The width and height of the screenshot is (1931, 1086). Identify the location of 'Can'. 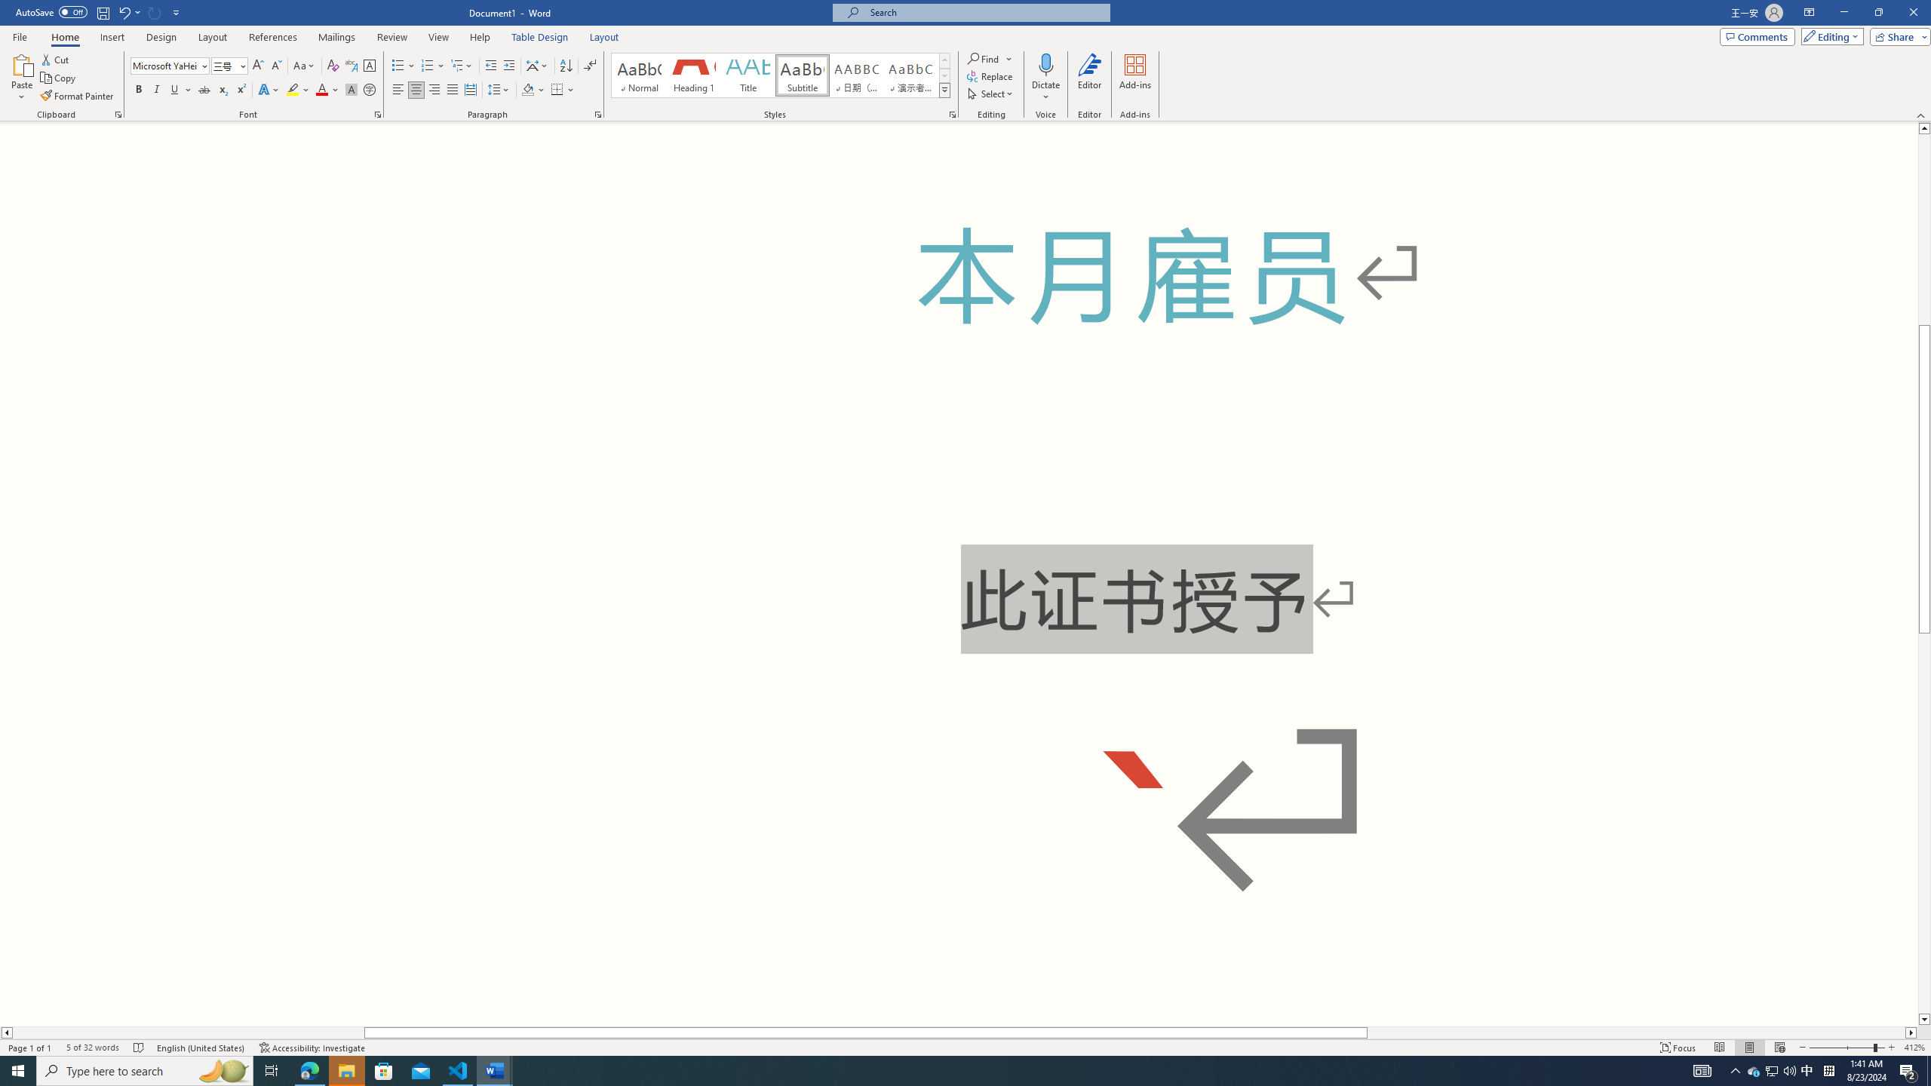
(155, 11).